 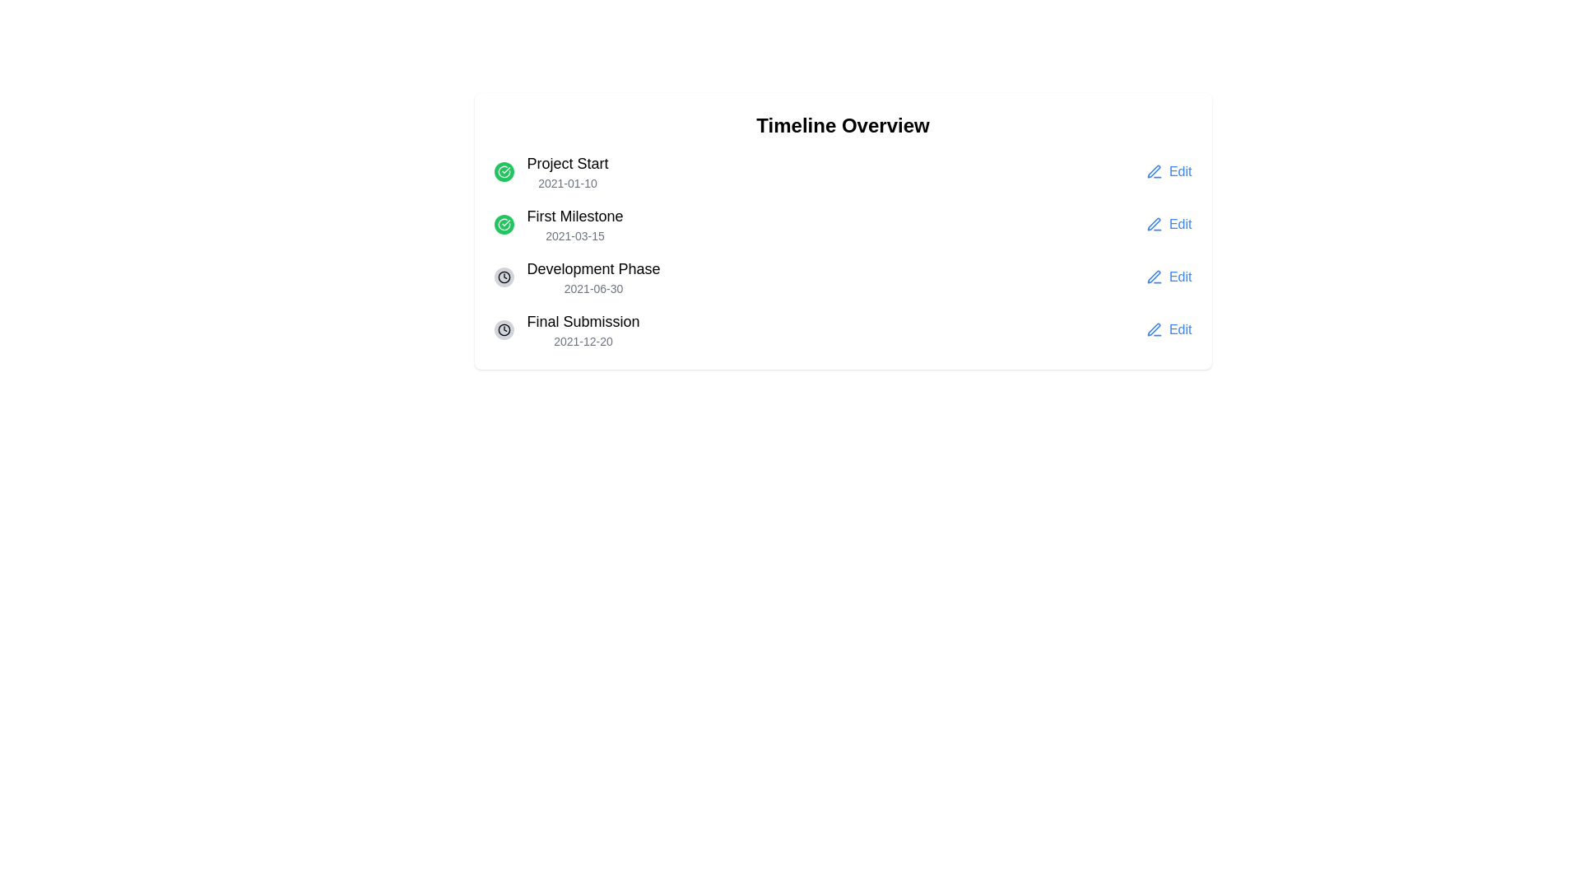 I want to click on the blue pen icon located to the right of the 'Final Submission' label in the last row of the timeline overview to initiate editing, so click(x=1153, y=330).